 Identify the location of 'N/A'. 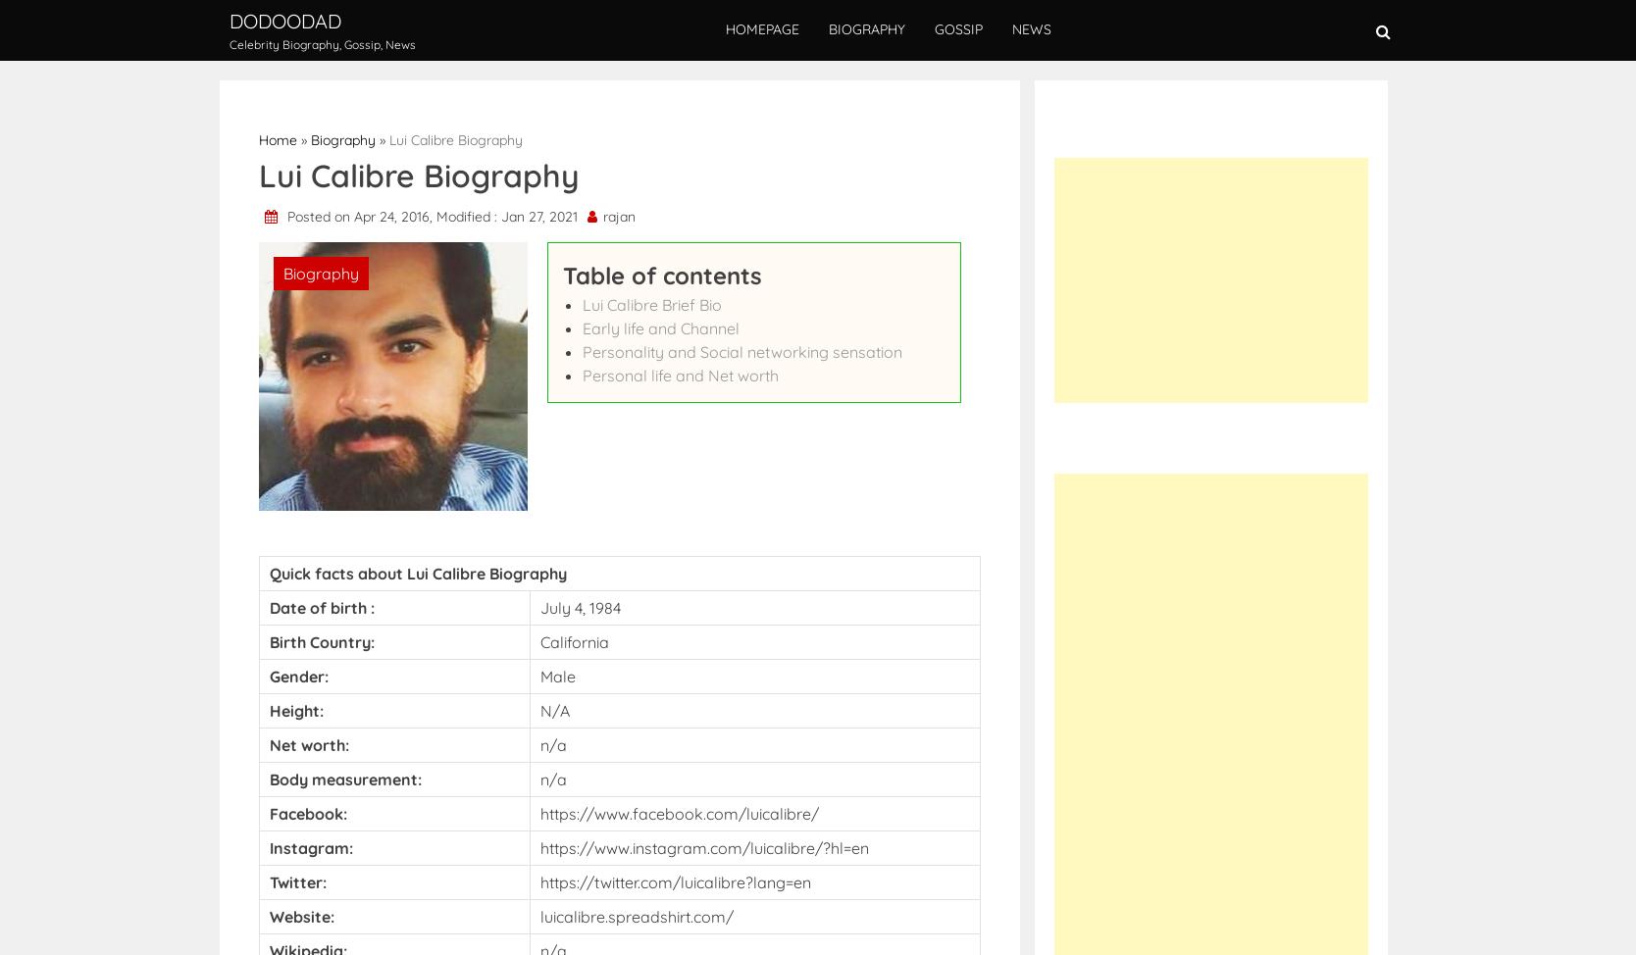
(553, 709).